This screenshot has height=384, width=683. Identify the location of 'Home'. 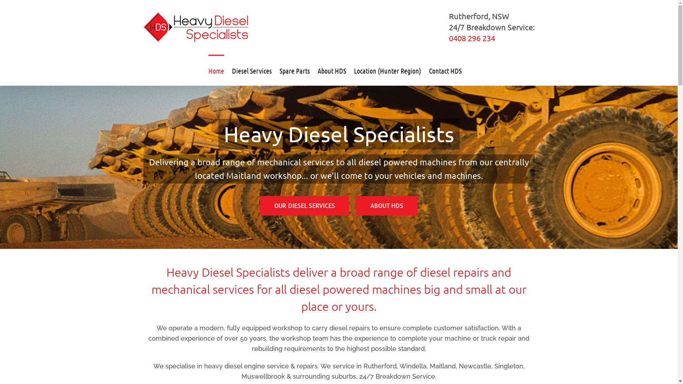
(208, 70).